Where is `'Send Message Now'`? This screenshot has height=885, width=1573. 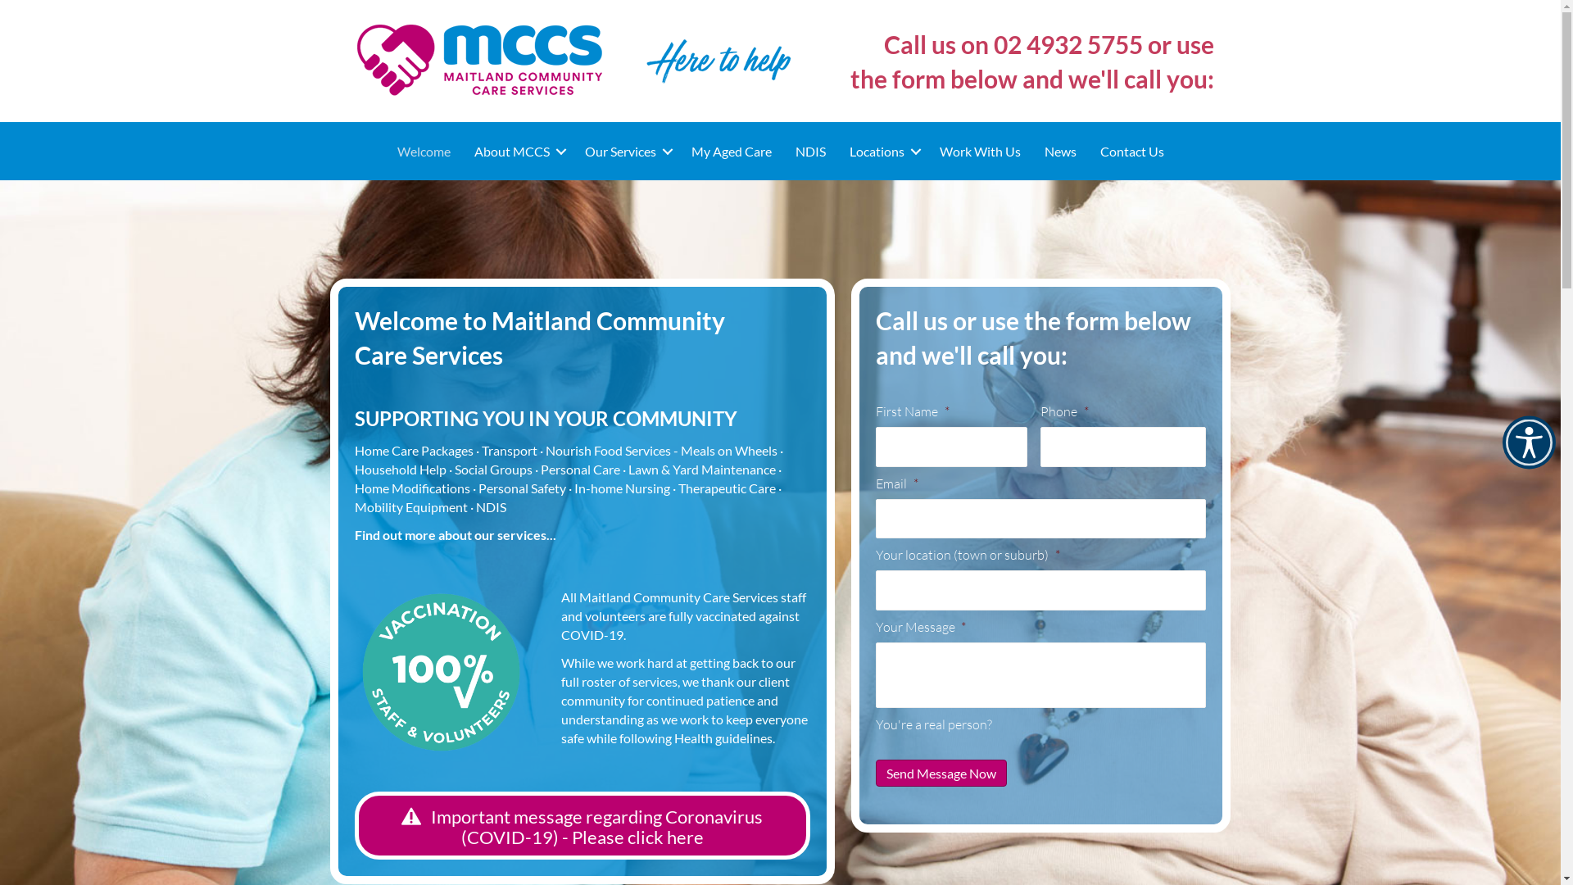 'Send Message Now' is located at coordinates (874, 773).